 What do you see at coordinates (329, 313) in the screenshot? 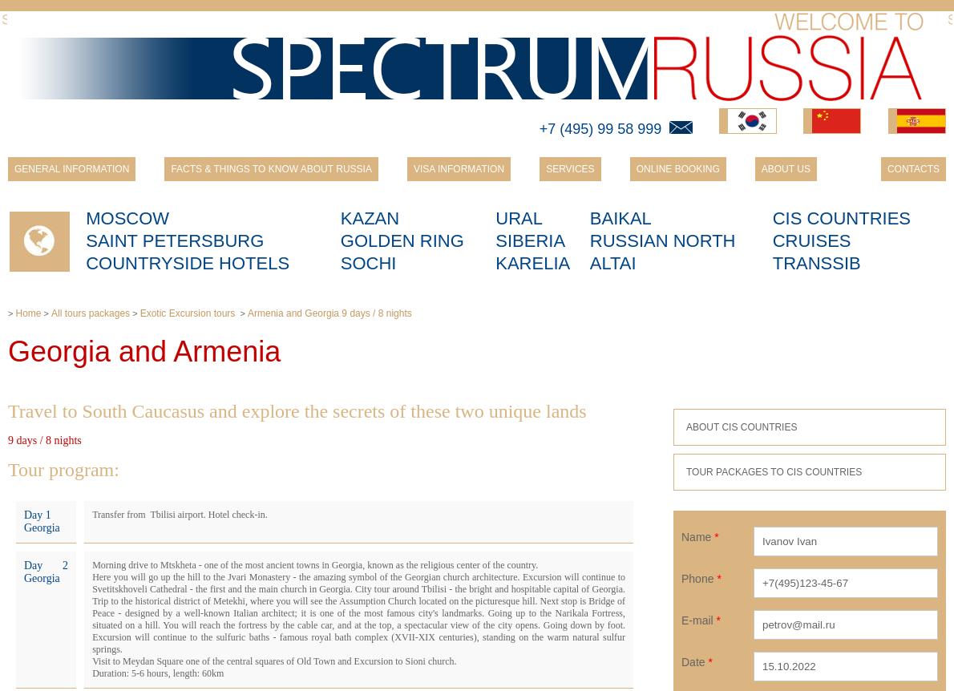
I see `'Armenia and Georgia 9 days / 8 nights'` at bounding box center [329, 313].